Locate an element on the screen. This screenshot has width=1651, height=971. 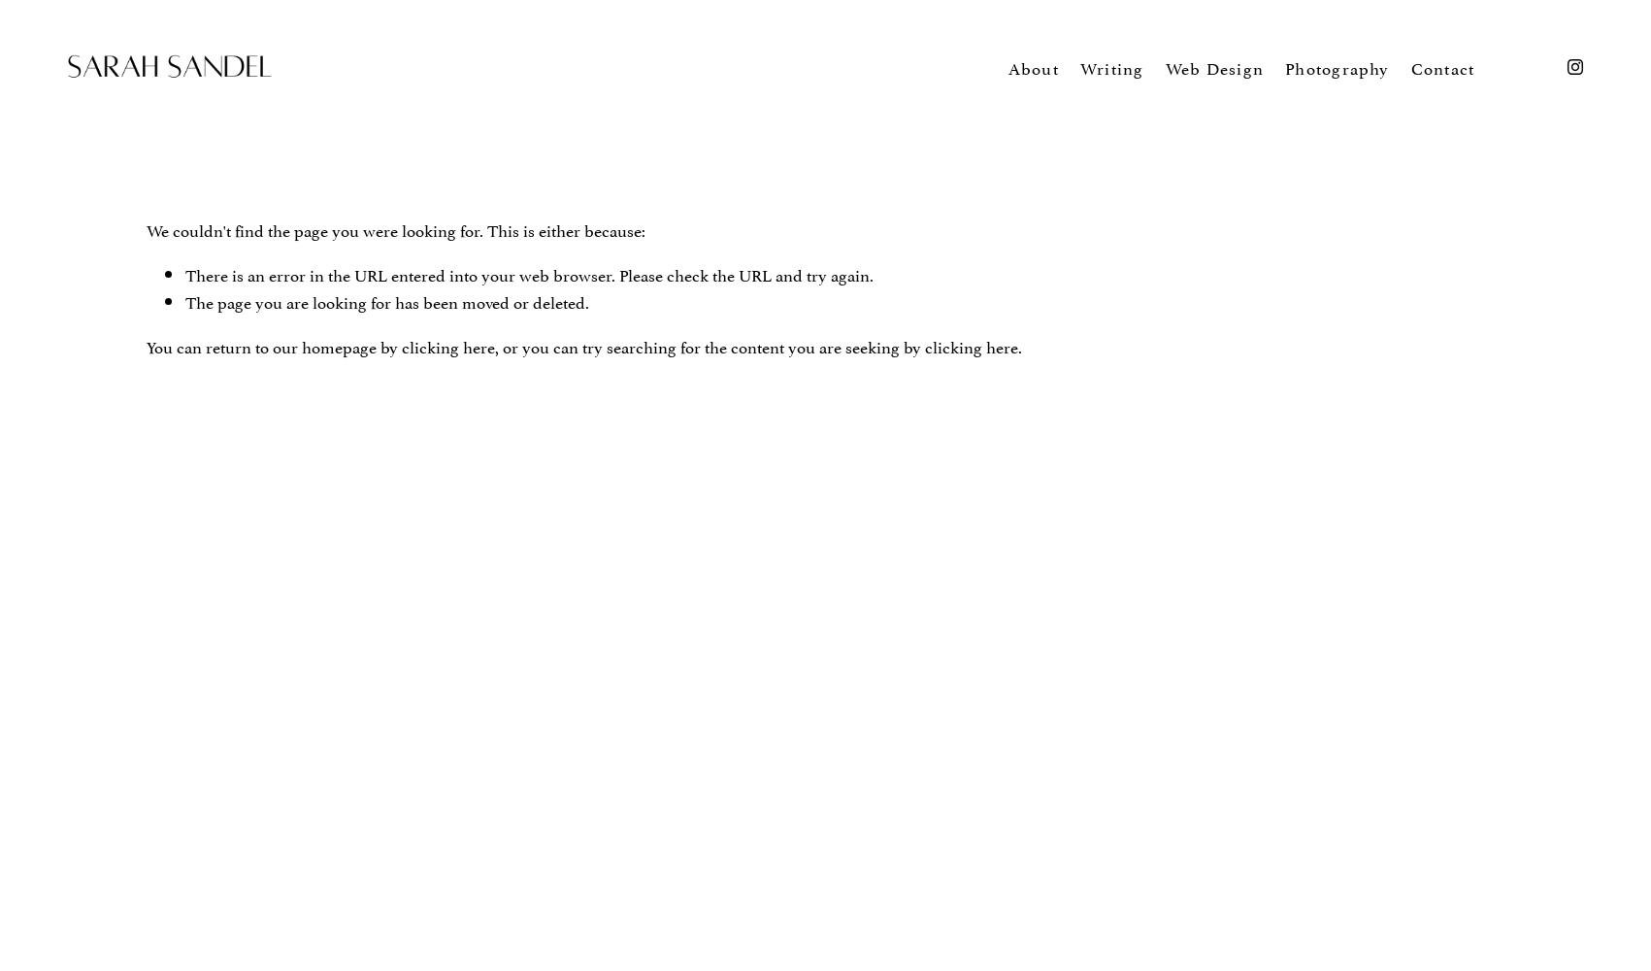
'We couldn't find the page you were looking for. This is either because:' is located at coordinates (145, 228).